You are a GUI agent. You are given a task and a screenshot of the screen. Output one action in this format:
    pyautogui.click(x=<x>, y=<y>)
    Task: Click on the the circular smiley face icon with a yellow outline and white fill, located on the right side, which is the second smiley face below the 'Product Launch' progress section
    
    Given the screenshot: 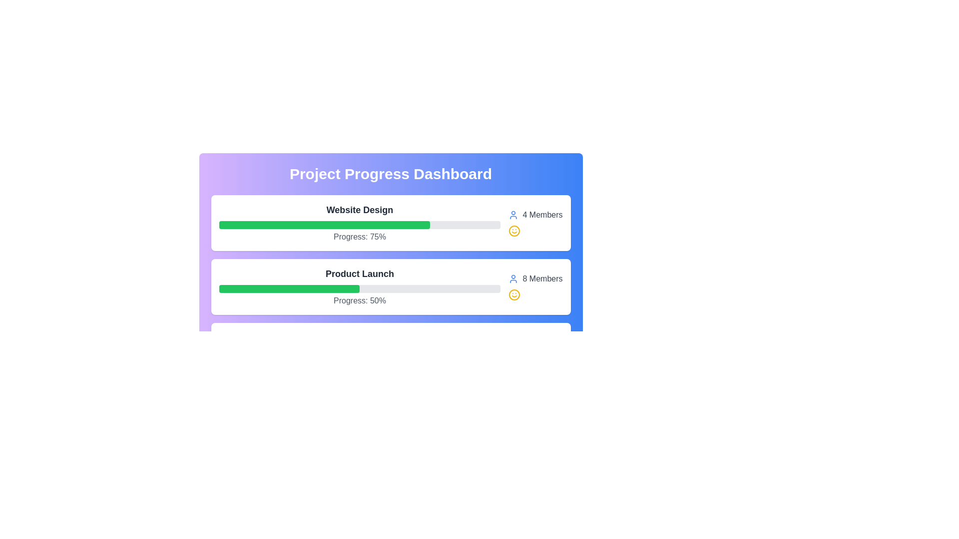 What is the action you would take?
    pyautogui.click(x=514, y=294)
    